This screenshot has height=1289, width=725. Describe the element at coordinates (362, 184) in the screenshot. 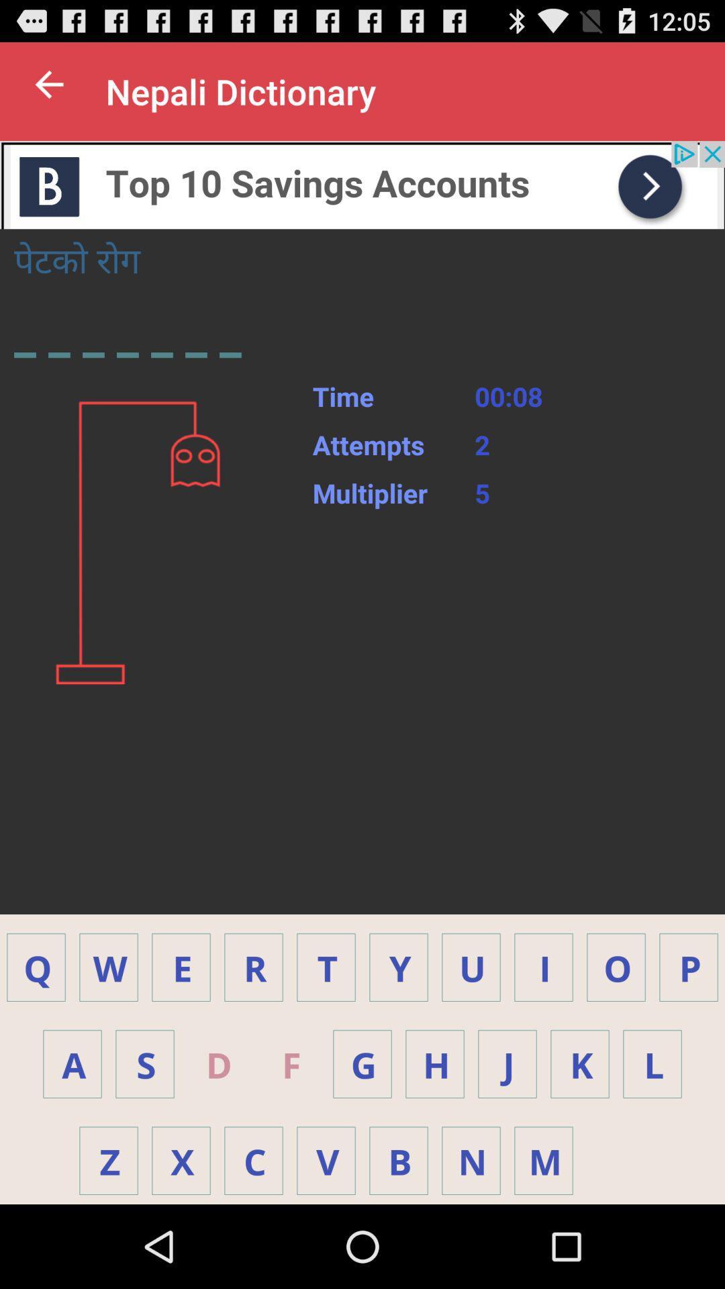

I see `details about advertisement` at that location.